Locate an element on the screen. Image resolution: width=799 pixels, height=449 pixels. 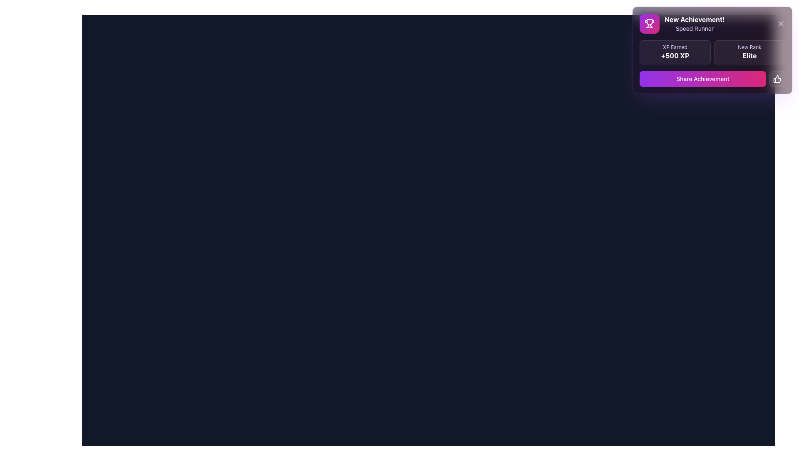
displayed information from the static text component titled 'New Achievement!' with the subtitle 'Speed Runner' located in the top-right corner of the notification interface is located at coordinates (682, 23).